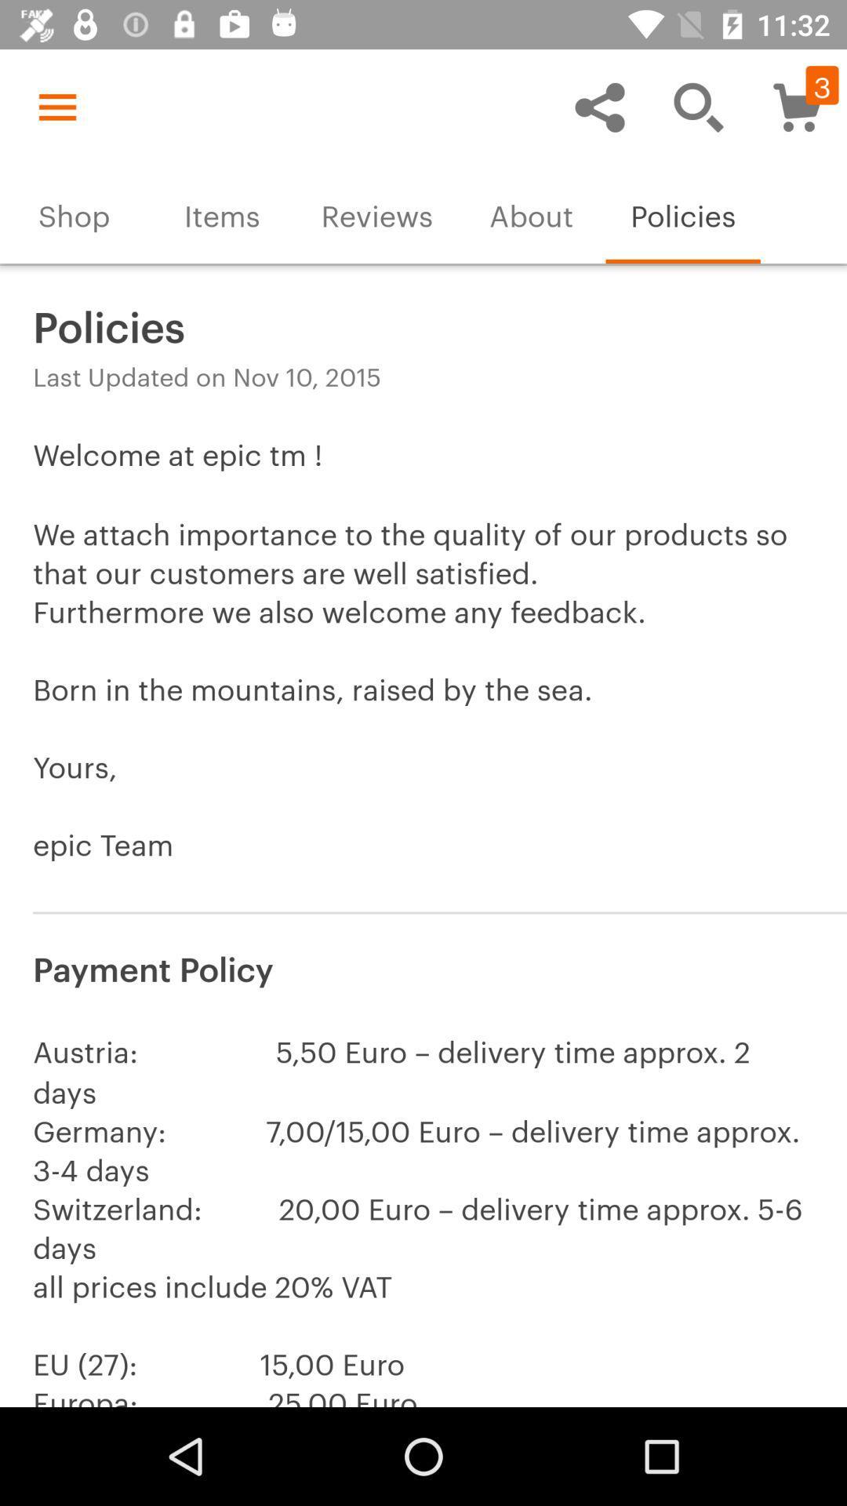  What do you see at coordinates (56, 106) in the screenshot?
I see `the item above shop item` at bounding box center [56, 106].